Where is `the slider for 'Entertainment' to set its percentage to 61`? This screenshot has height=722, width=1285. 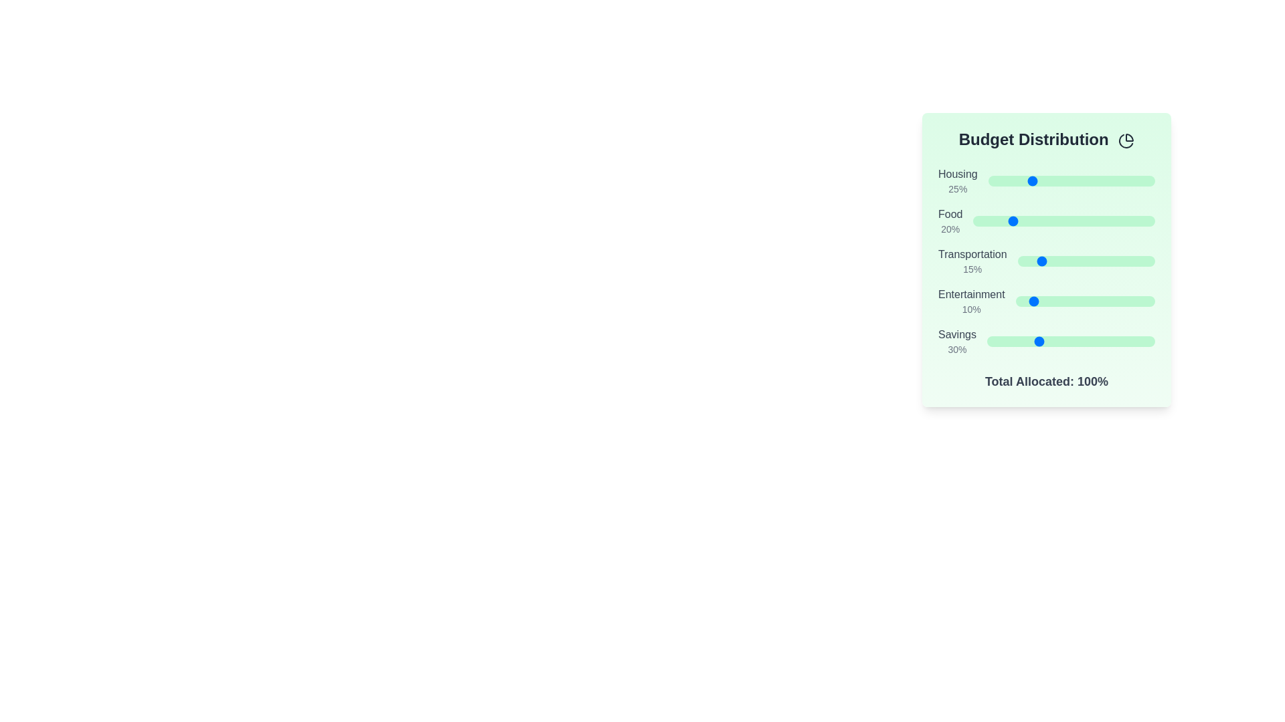 the slider for 'Entertainment' to set its percentage to 61 is located at coordinates (1100, 302).